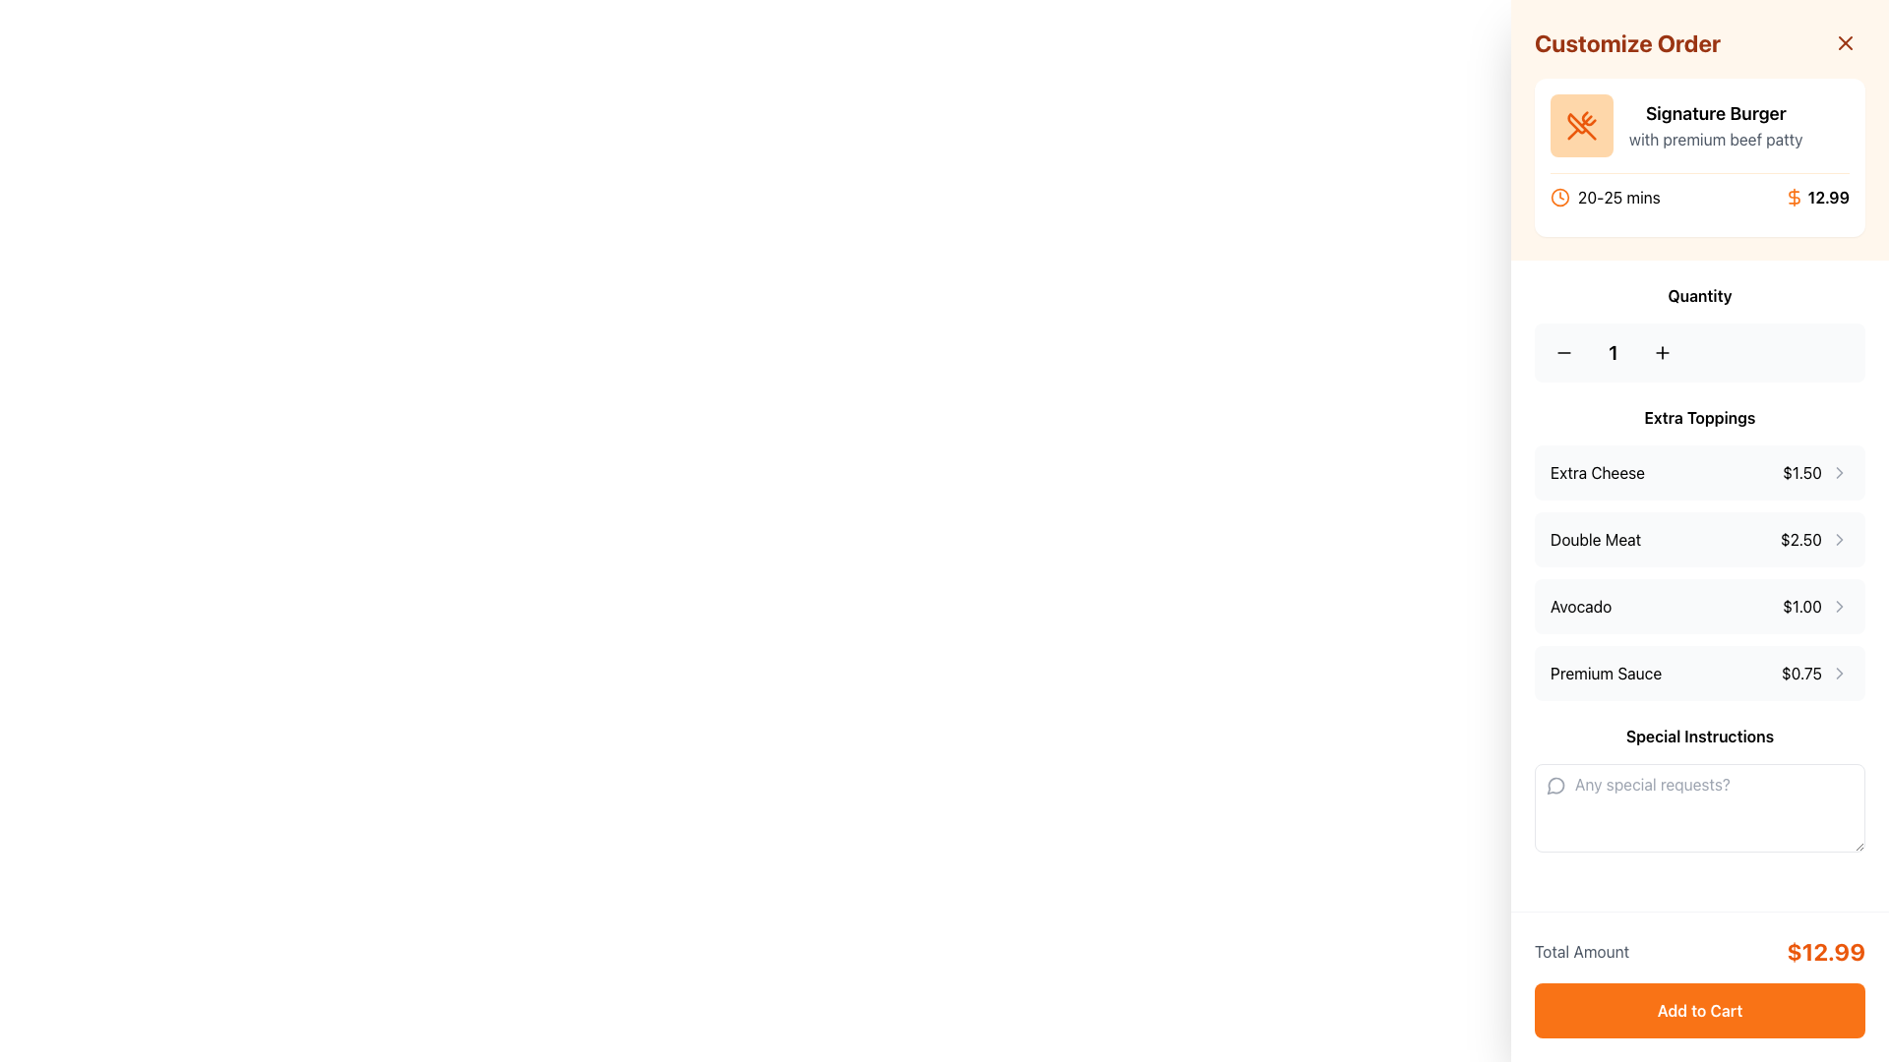 This screenshot has width=1889, height=1062. What do you see at coordinates (1839, 539) in the screenshot?
I see `the right-facing chevron icon (>) in the 'Double Meat' row of the 'Extra Toppings' section` at bounding box center [1839, 539].